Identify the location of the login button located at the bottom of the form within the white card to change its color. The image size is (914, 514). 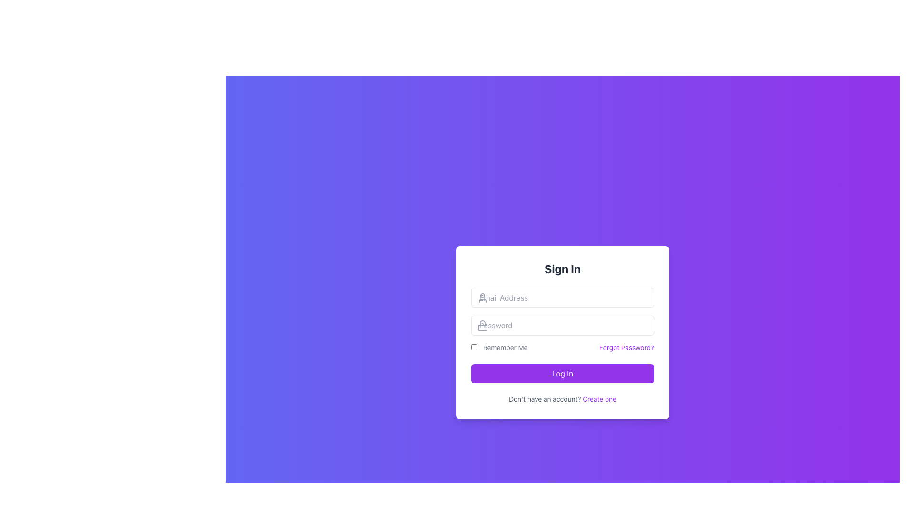
(562, 373).